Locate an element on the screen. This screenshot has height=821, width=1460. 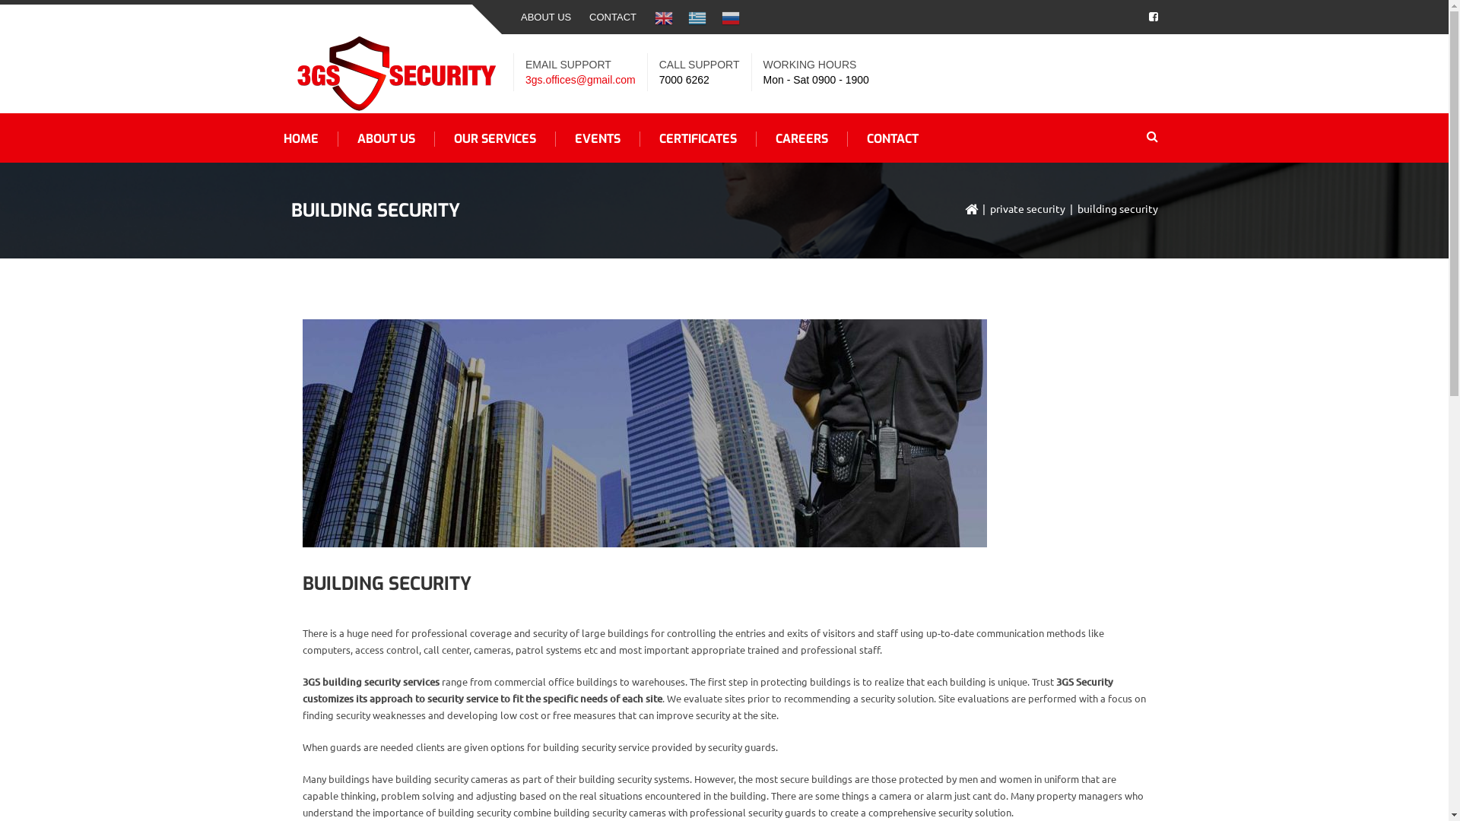
'CERTIFICATES' is located at coordinates (640, 138).